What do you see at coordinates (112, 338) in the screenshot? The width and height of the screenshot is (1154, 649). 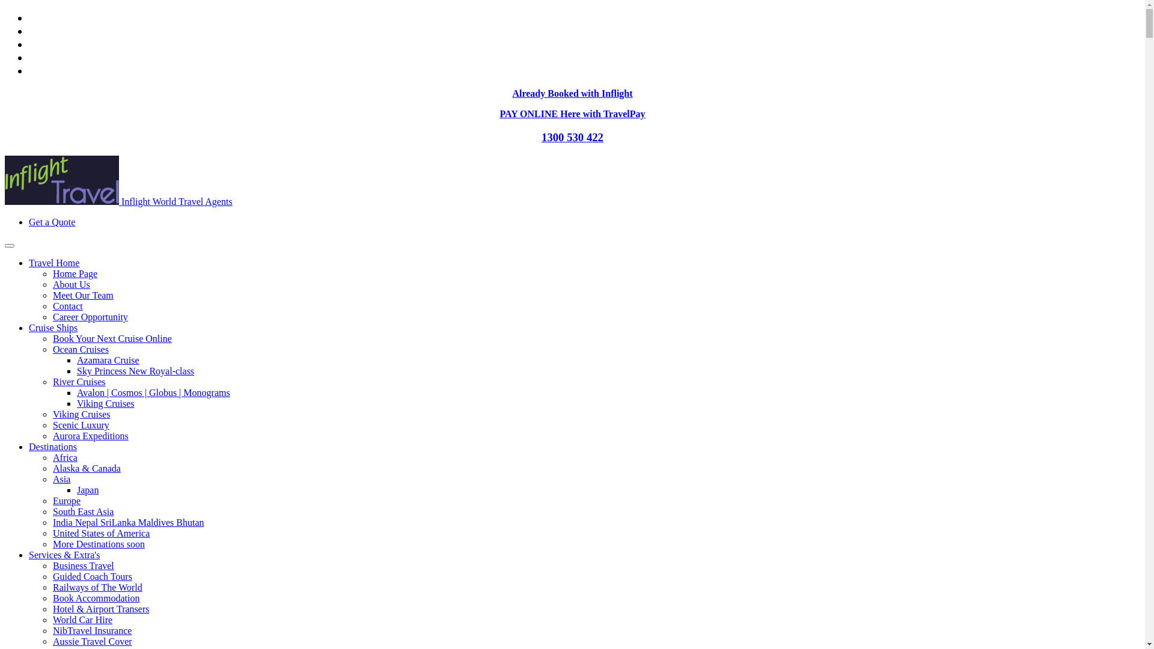 I see `'Book Your Next Cruise Online'` at bounding box center [112, 338].